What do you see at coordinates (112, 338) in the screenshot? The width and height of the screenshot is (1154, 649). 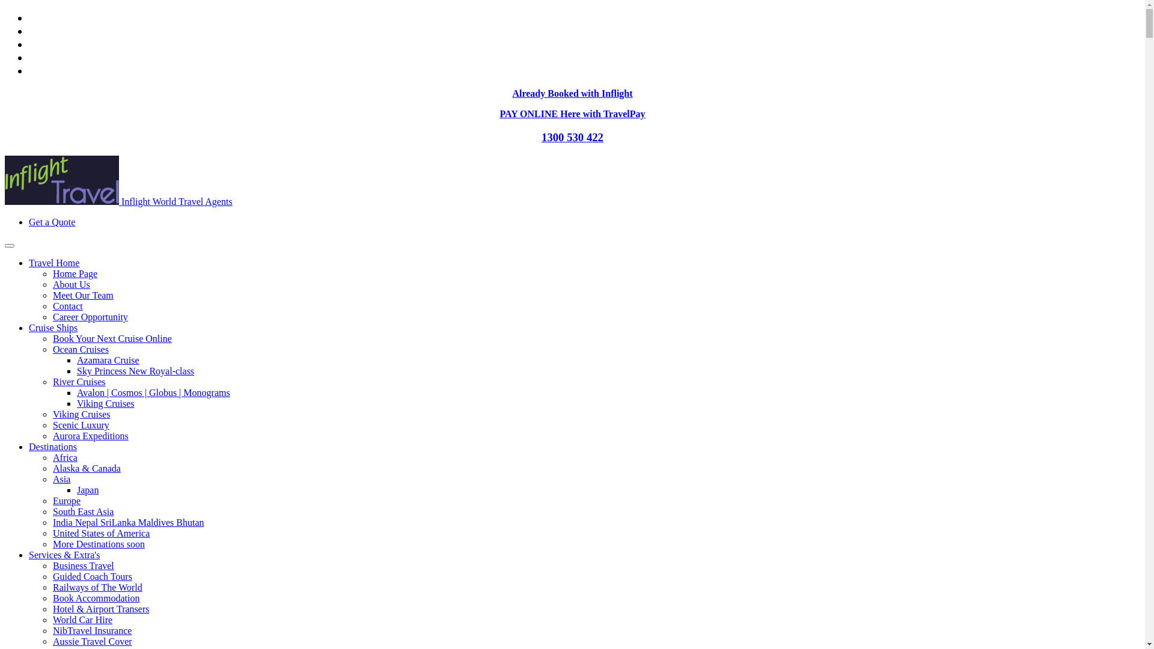 I see `'Book Your Next Cruise Online'` at bounding box center [112, 338].